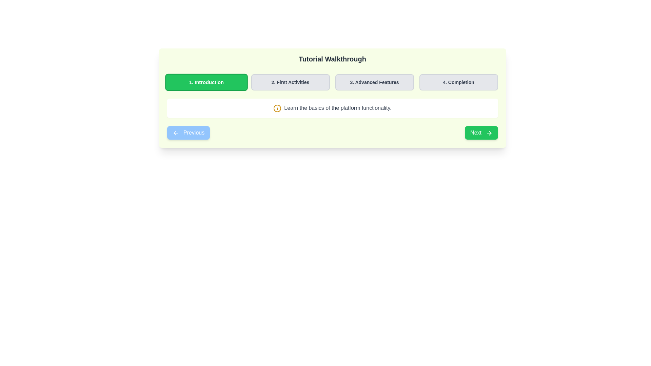 This screenshot has width=651, height=366. I want to click on the '1. Introduction' step in the Step Navigation Bar, so click(332, 82).